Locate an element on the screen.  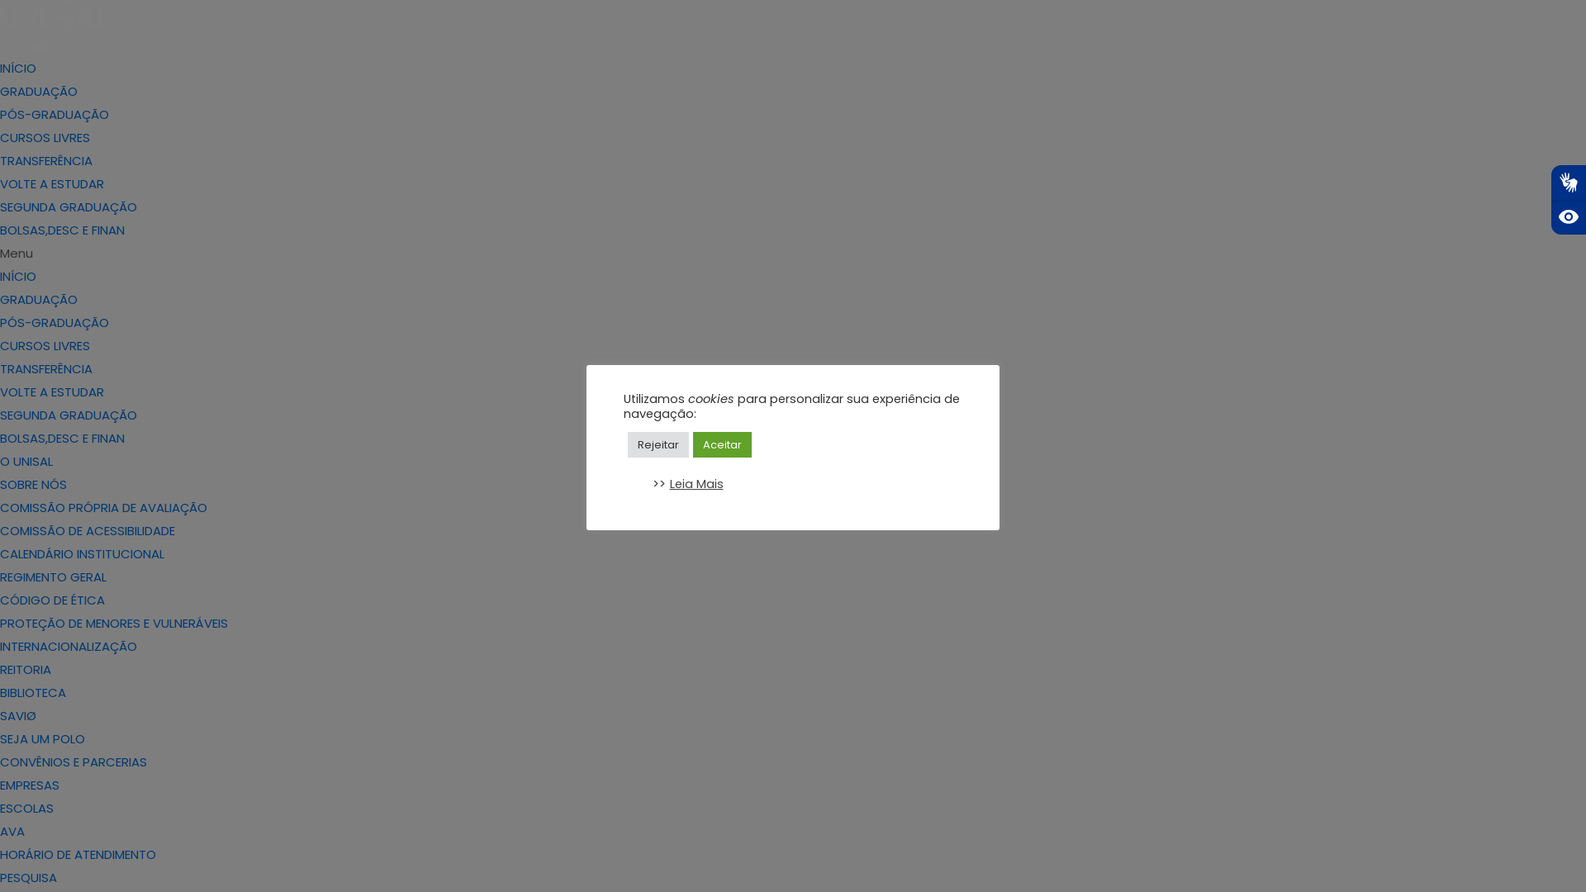
'ESCOLAS' is located at coordinates (26, 807).